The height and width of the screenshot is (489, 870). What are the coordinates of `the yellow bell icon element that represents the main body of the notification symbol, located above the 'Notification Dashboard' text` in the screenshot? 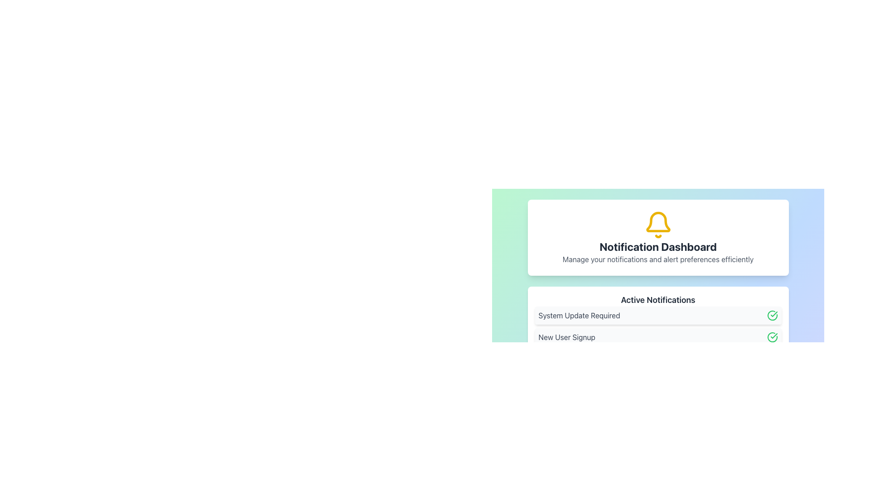 It's located at (658, 222).